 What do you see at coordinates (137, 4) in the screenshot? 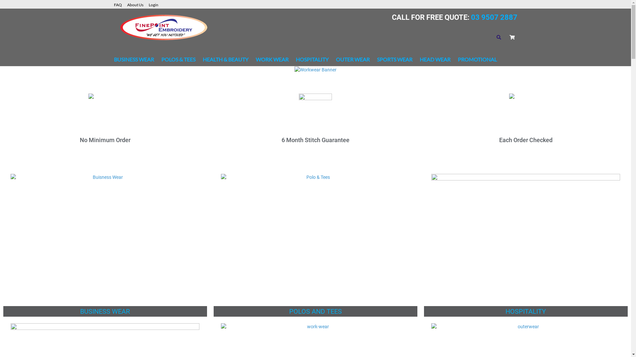
I see `'About Us'` at bounding box center [137, 4].